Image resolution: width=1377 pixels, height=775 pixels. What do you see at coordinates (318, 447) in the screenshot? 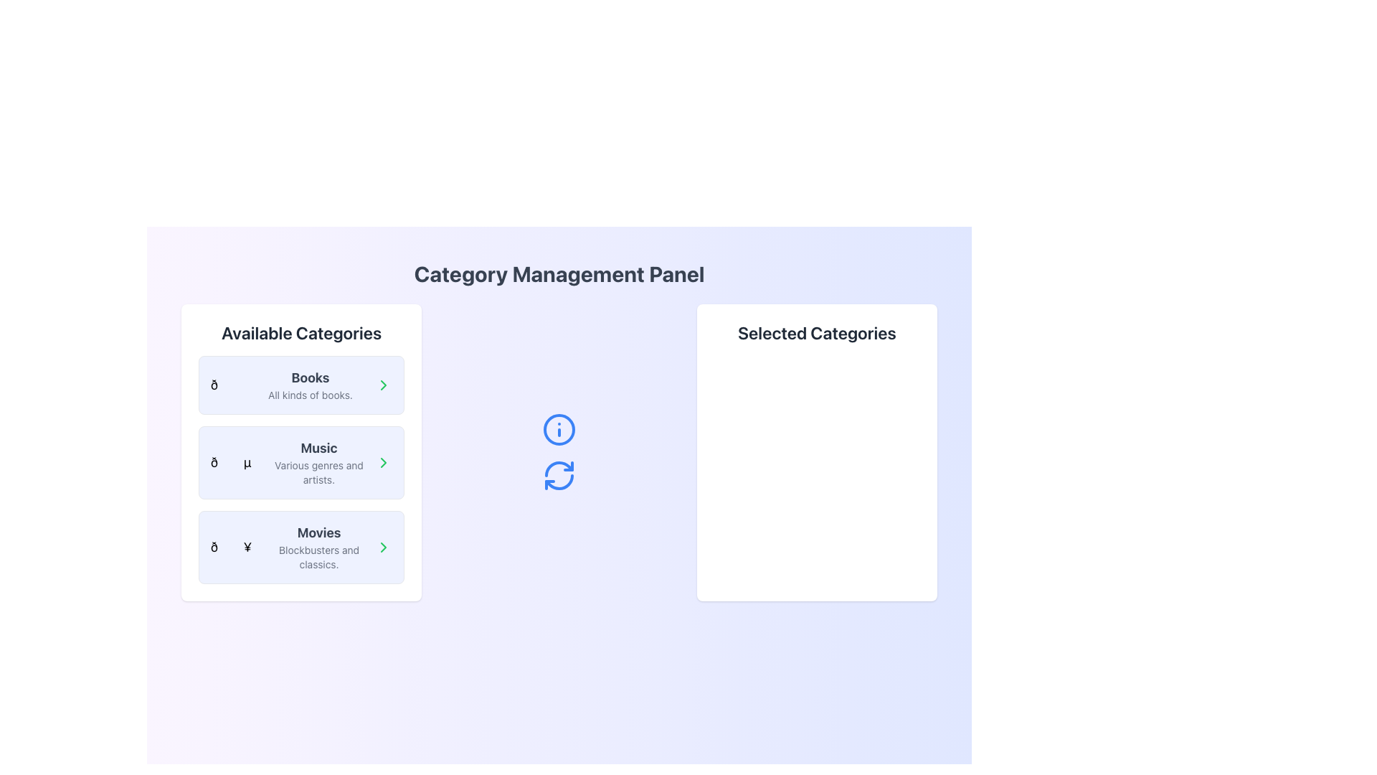
I see `bold, large-sized text label displaying 'Music' located in the second item of the vertical list of categories under the 'Available Categories' section` at bounding box center [318, 447].